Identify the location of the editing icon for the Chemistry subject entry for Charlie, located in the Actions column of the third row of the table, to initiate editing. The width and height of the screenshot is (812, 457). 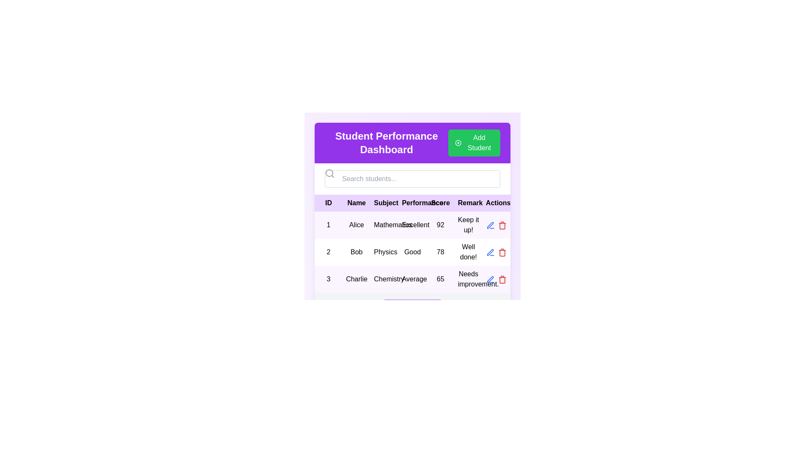
(490, 279).